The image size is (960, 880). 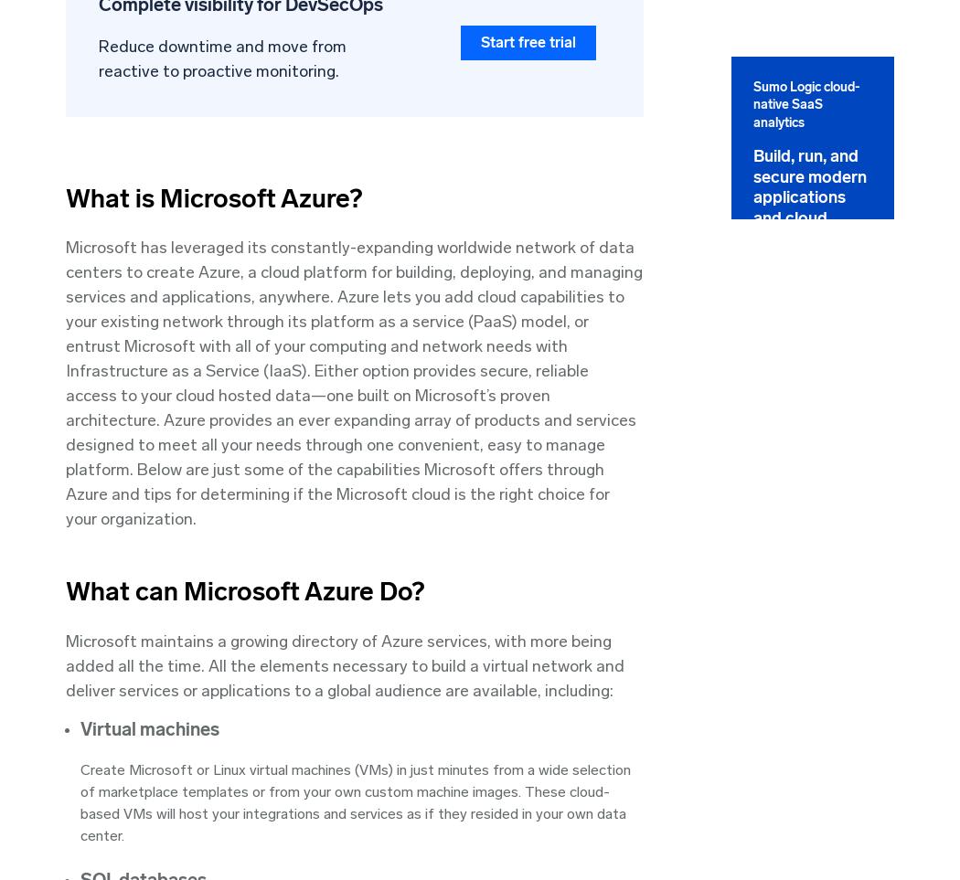 I want to click on 'Community', so click(x=78, y=575).